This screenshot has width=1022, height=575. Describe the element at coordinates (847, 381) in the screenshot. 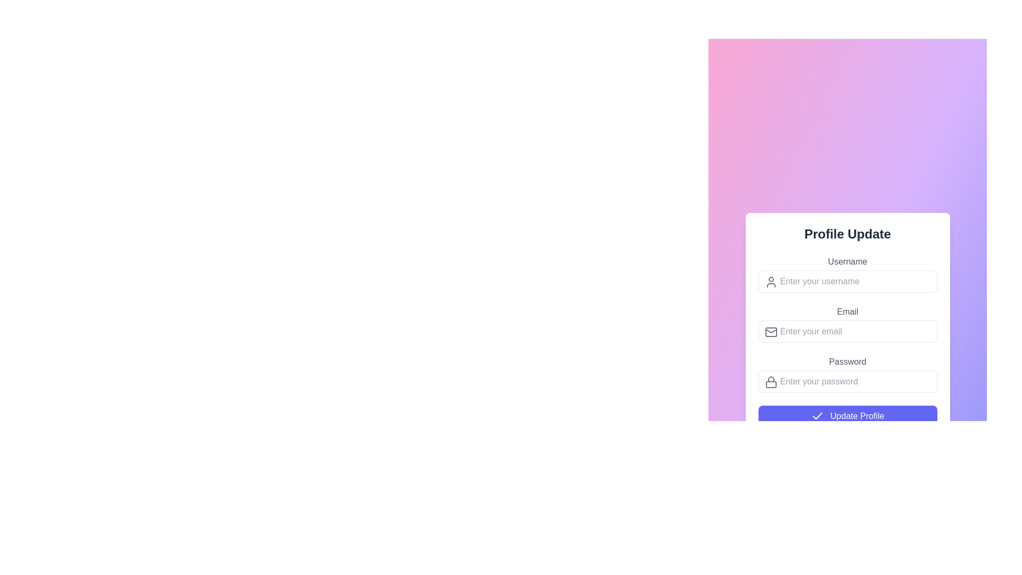

I see `the password input field to focus on it, allowing the user to type their password securely` at that location.